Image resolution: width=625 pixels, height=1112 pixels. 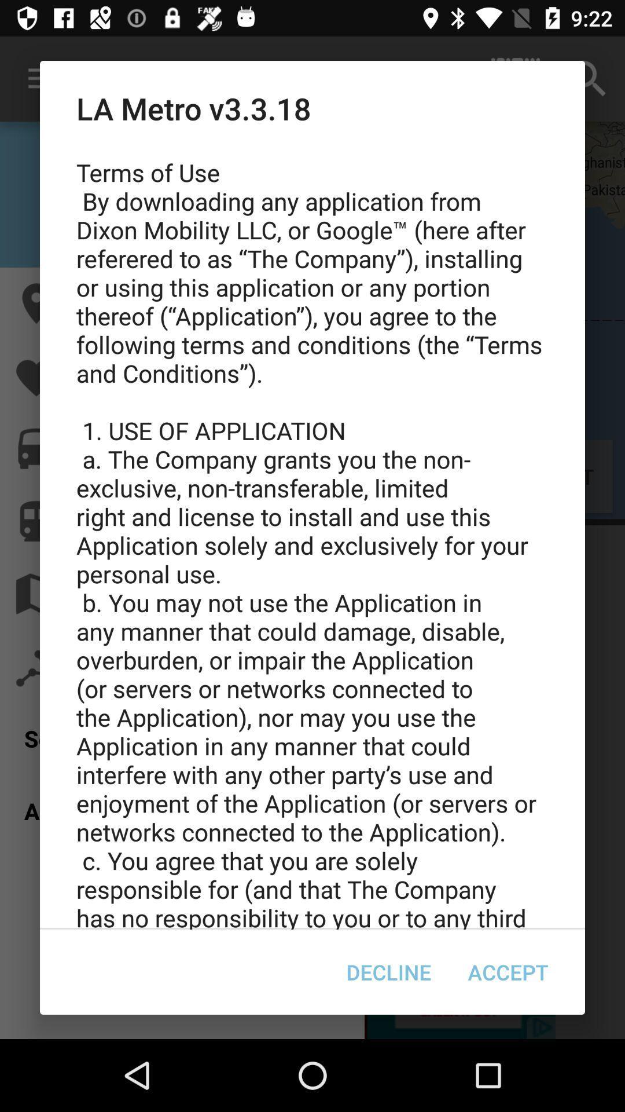 I want to click on item at the bottom, so click(x=388, y=972).